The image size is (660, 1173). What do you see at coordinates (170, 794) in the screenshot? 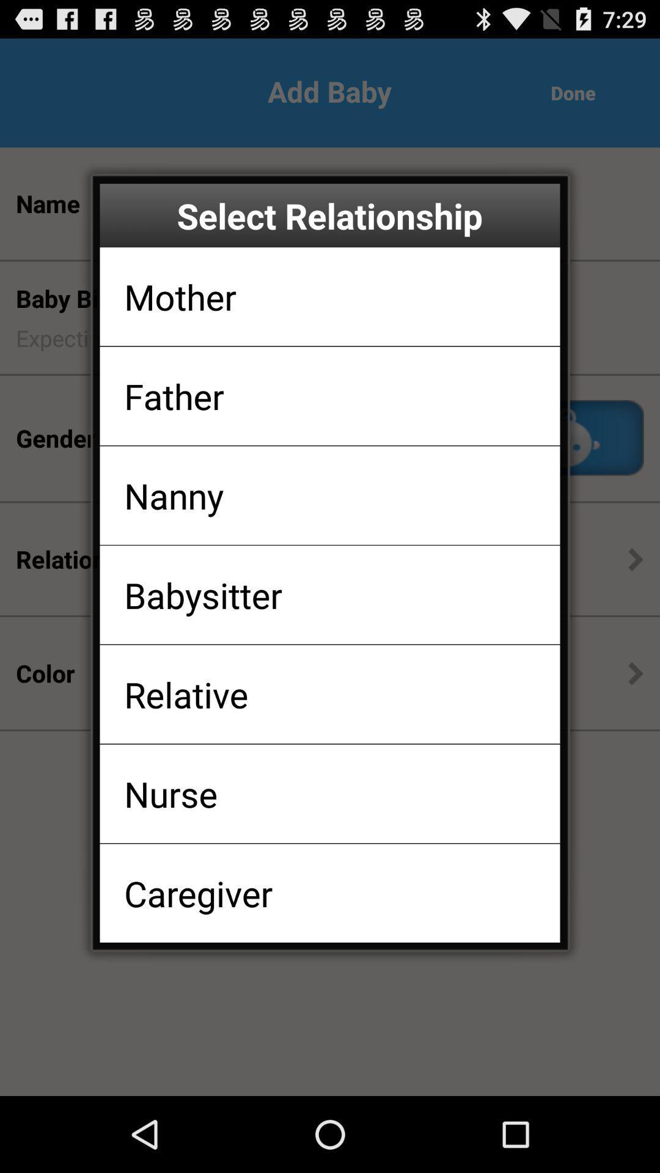
I see `nurse` at bounding box center [170, 794].